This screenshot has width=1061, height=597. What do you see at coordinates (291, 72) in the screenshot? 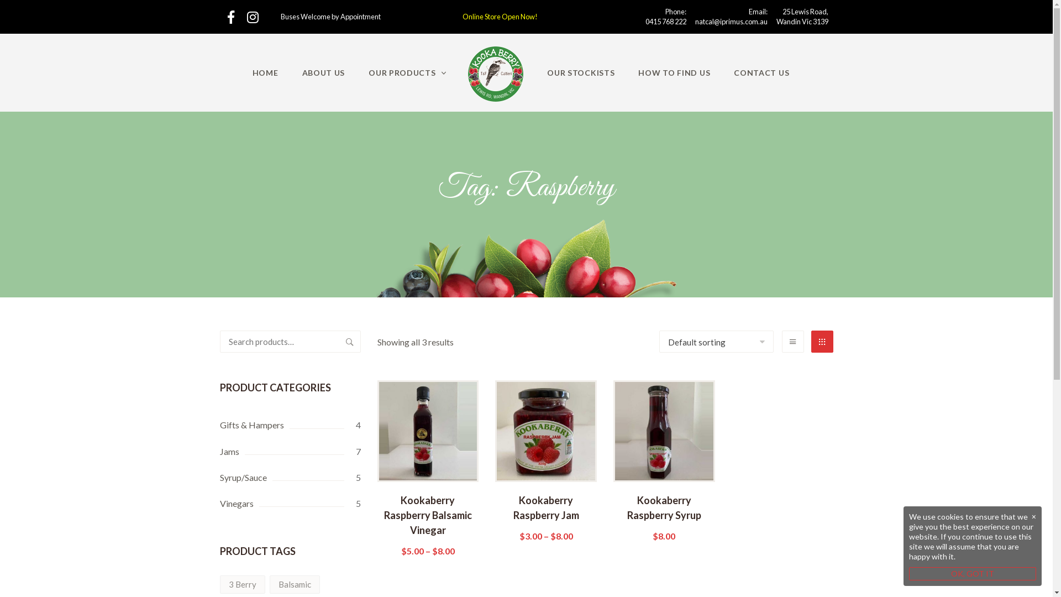
I see `'ABOUT US'` at bounding box center [291, 72].